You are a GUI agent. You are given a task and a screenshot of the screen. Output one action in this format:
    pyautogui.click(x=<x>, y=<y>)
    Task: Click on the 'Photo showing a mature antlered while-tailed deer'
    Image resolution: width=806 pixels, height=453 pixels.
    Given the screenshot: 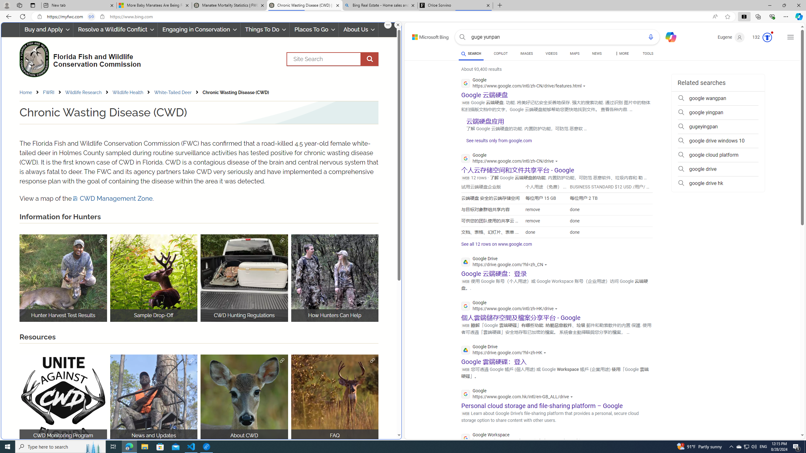 What is the action you would take?
    pyautogui.click(x=335, y=398)
    